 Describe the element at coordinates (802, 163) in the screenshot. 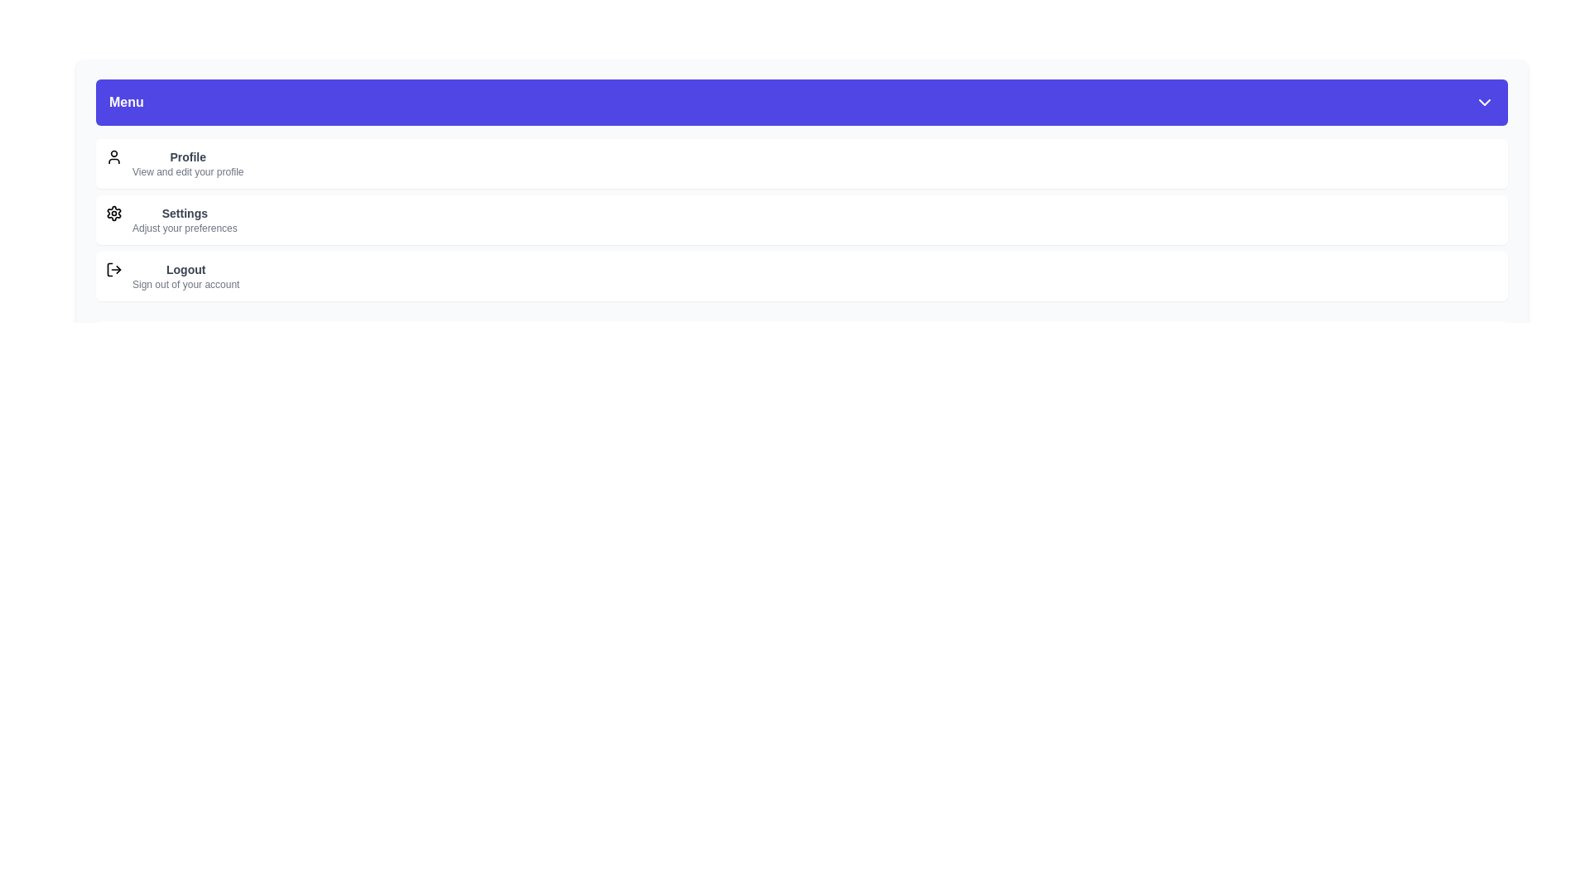

I see `the menu item labeled Profile to select it` at that location.